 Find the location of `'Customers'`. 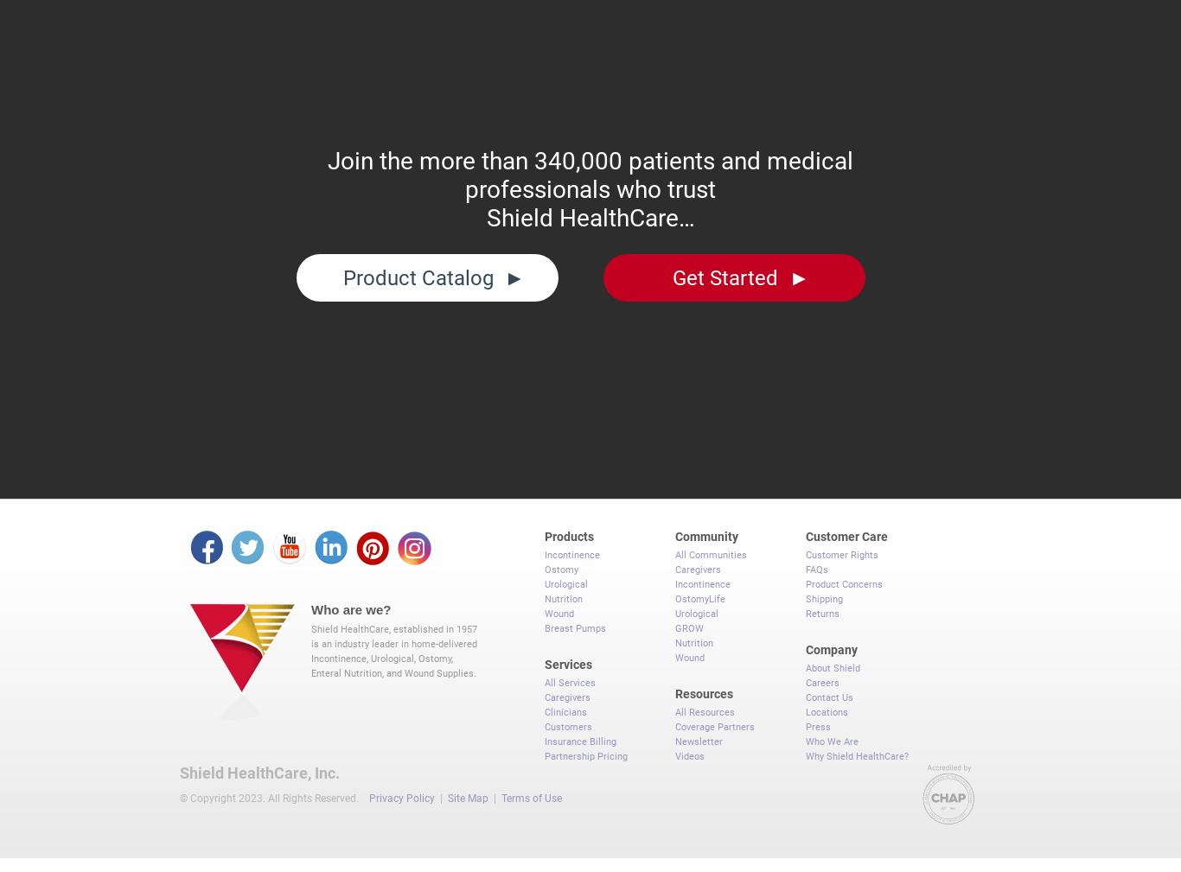

'Customers' is located at coordinates (567, 718).